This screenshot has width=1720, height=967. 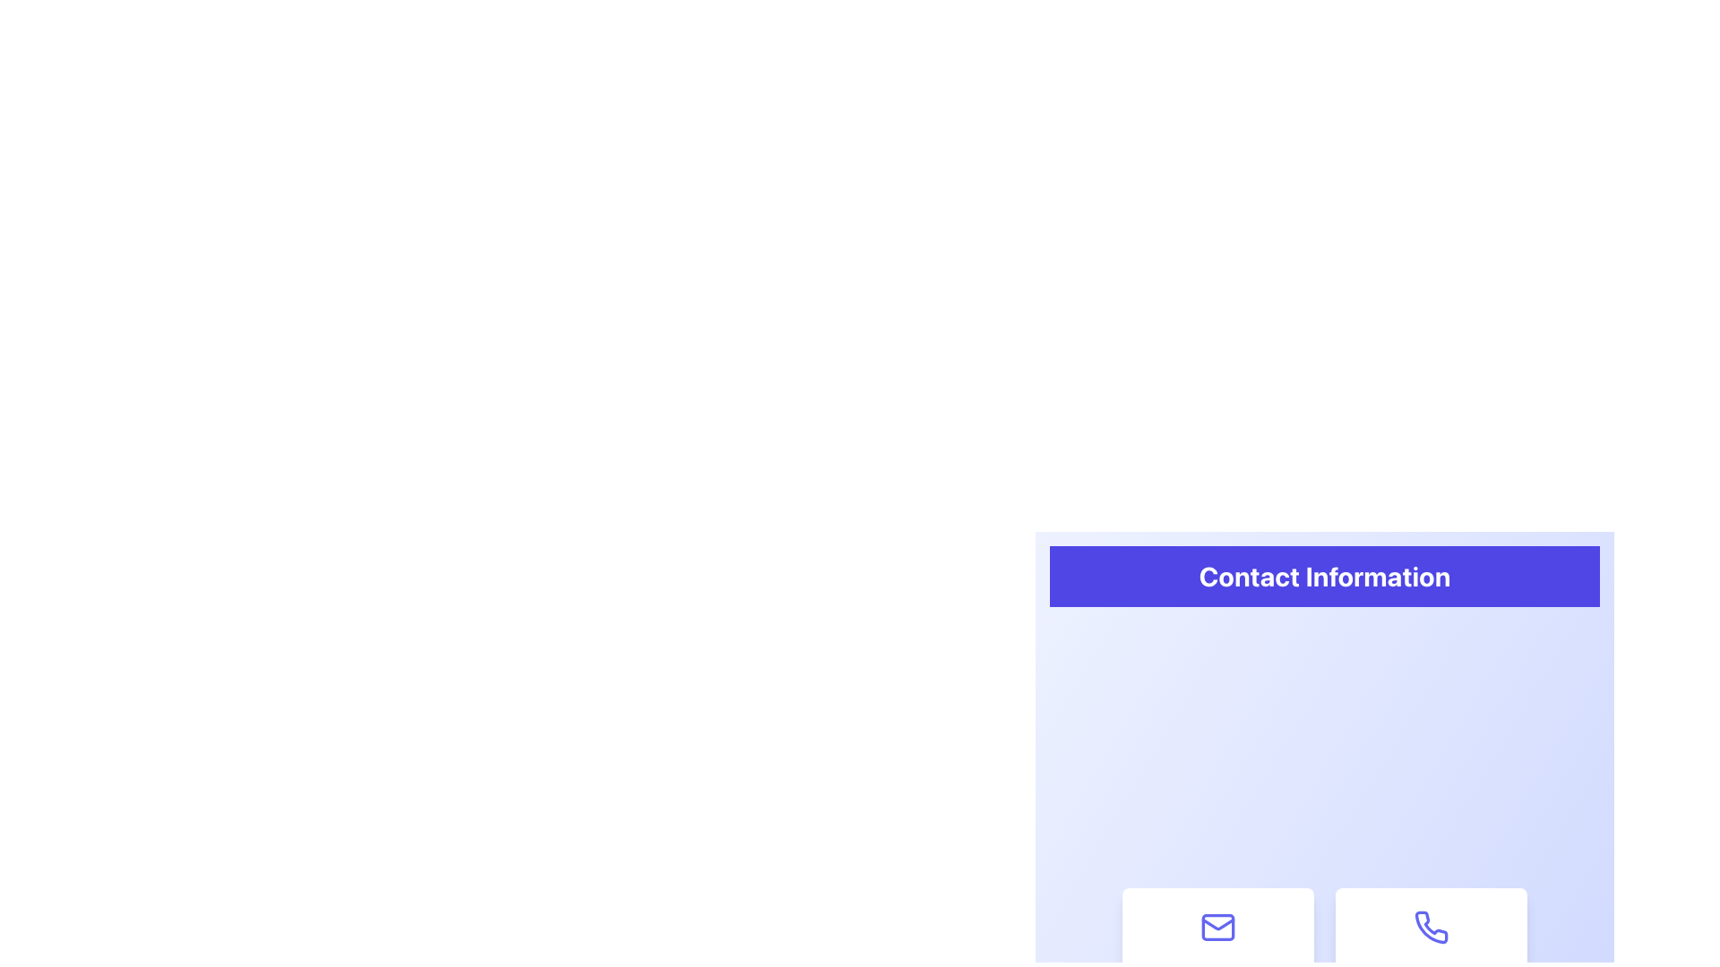 I want to click on the header indicating contact information, so click(x=1324, y=577).